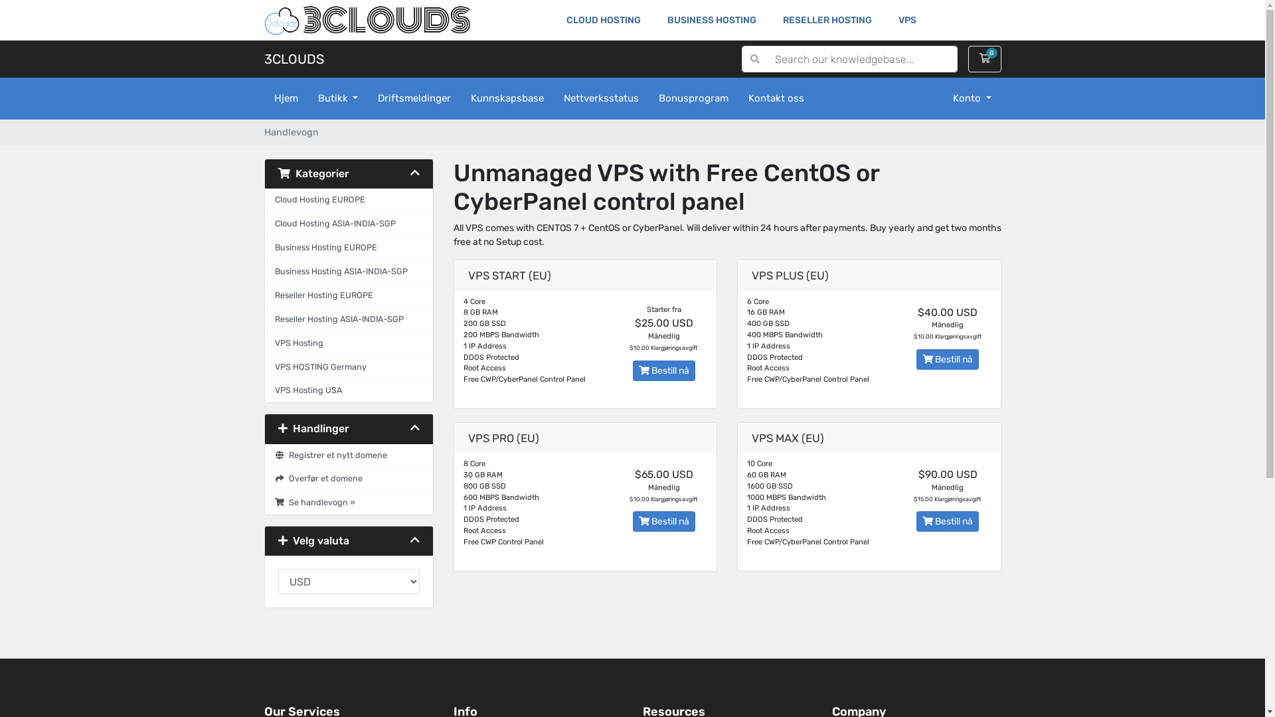 This screenshot has width=1275, height=717. What do you see at coordinates (264, 271) in the screenshot?
I see `'Business Hosting ASIA-INDIA-SGP'` at bounding box center [264, 271].